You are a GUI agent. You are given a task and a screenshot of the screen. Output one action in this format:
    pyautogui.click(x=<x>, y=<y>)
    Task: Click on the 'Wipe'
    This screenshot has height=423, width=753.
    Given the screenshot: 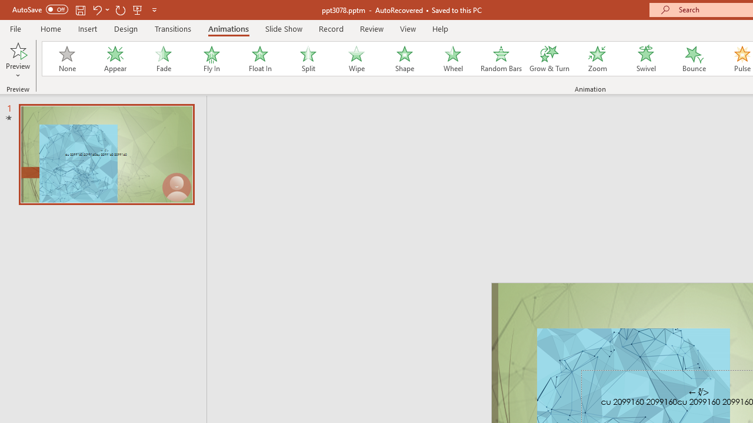 What is the action you would take?
    pyautogui.click(x=355, y=59)
    